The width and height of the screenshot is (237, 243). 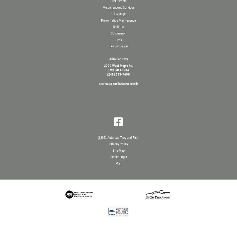 What do you see at coordinates (118, 84) in the screenshot?
I see `'See hours and location details'` at bounding box center [118, 84].